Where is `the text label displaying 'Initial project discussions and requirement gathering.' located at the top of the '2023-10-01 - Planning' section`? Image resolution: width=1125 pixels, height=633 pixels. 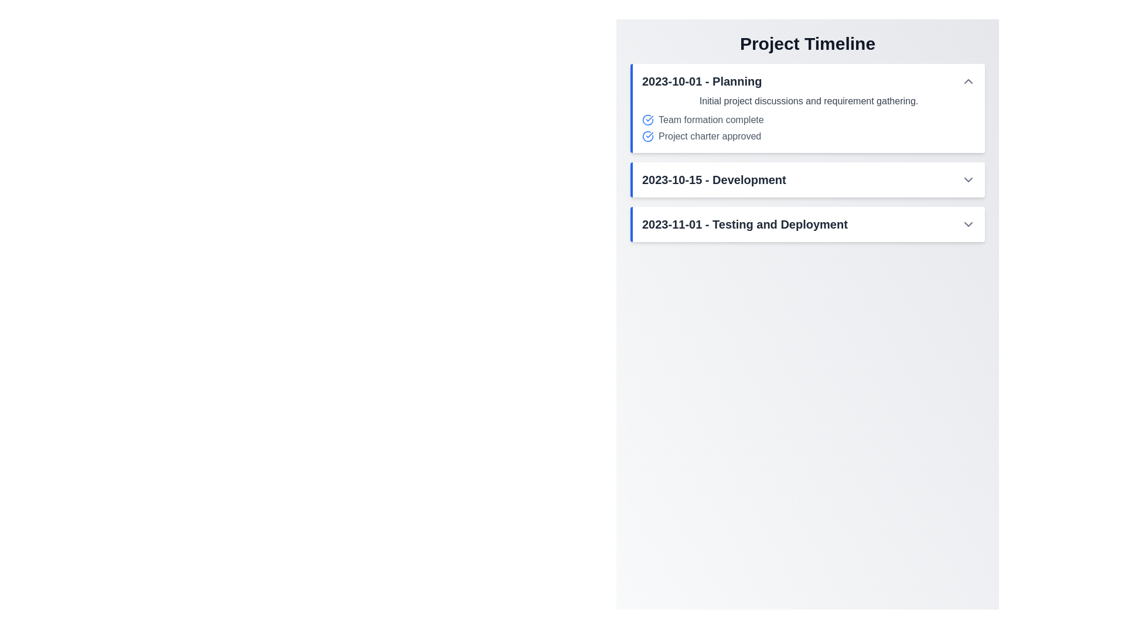 the text label displaying 'Initial project discussions and requirement gathering.' located at the top of the '2023-10-01 - Planning' section is located at coordinates (808, 101).